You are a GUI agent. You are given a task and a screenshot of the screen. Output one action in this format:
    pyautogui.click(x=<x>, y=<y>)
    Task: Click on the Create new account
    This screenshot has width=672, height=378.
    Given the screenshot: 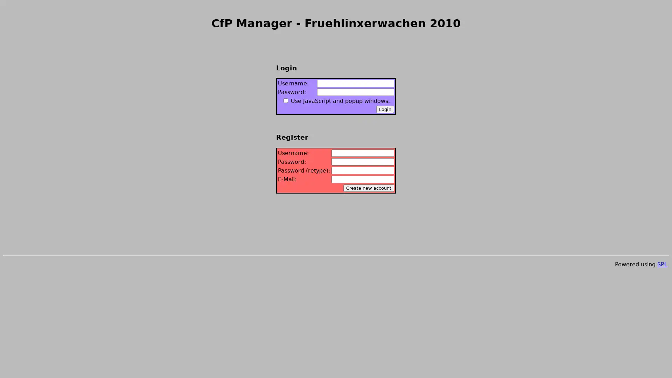 What is the action you would take?
    pyautogui.click(x=368, y=187)
    